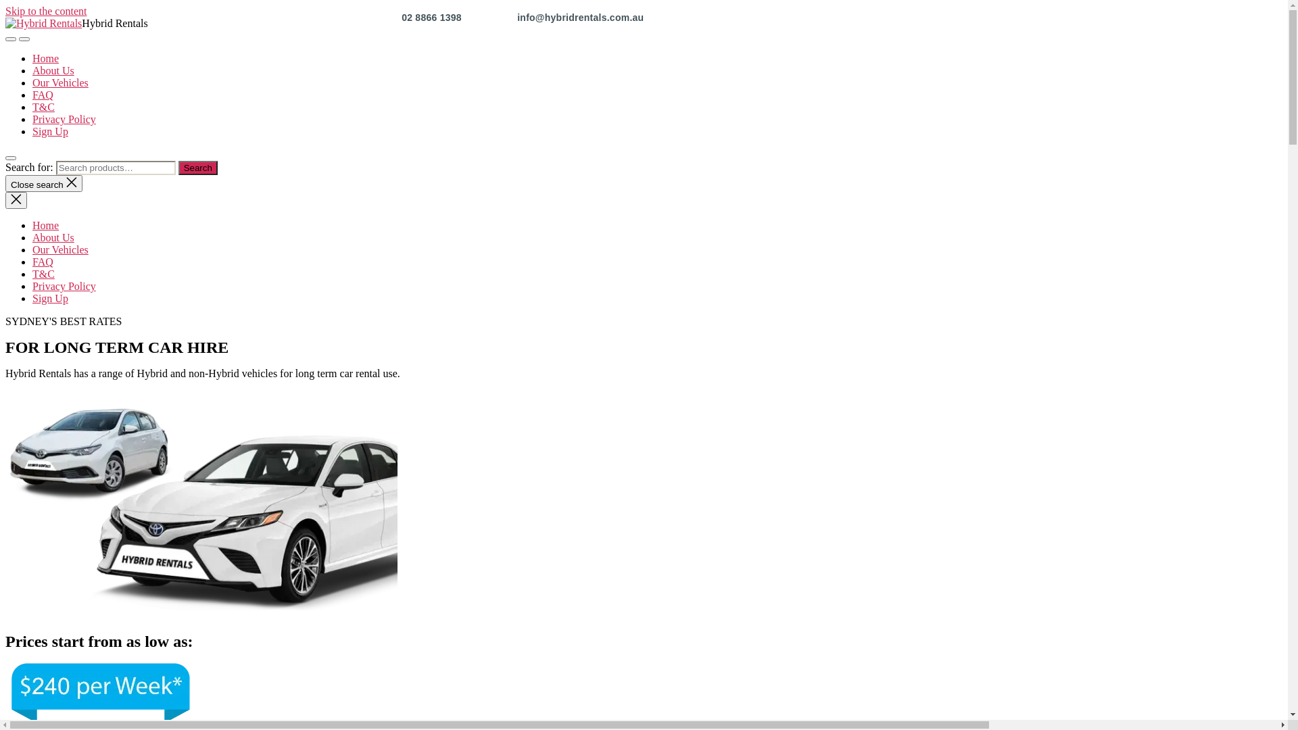 Image resolution: width=1298 pixels, height=730 pixels. What do you see at coordinates (178, 167) in the screenshot?
I see `'Search'` at bounding box center [178, 167].